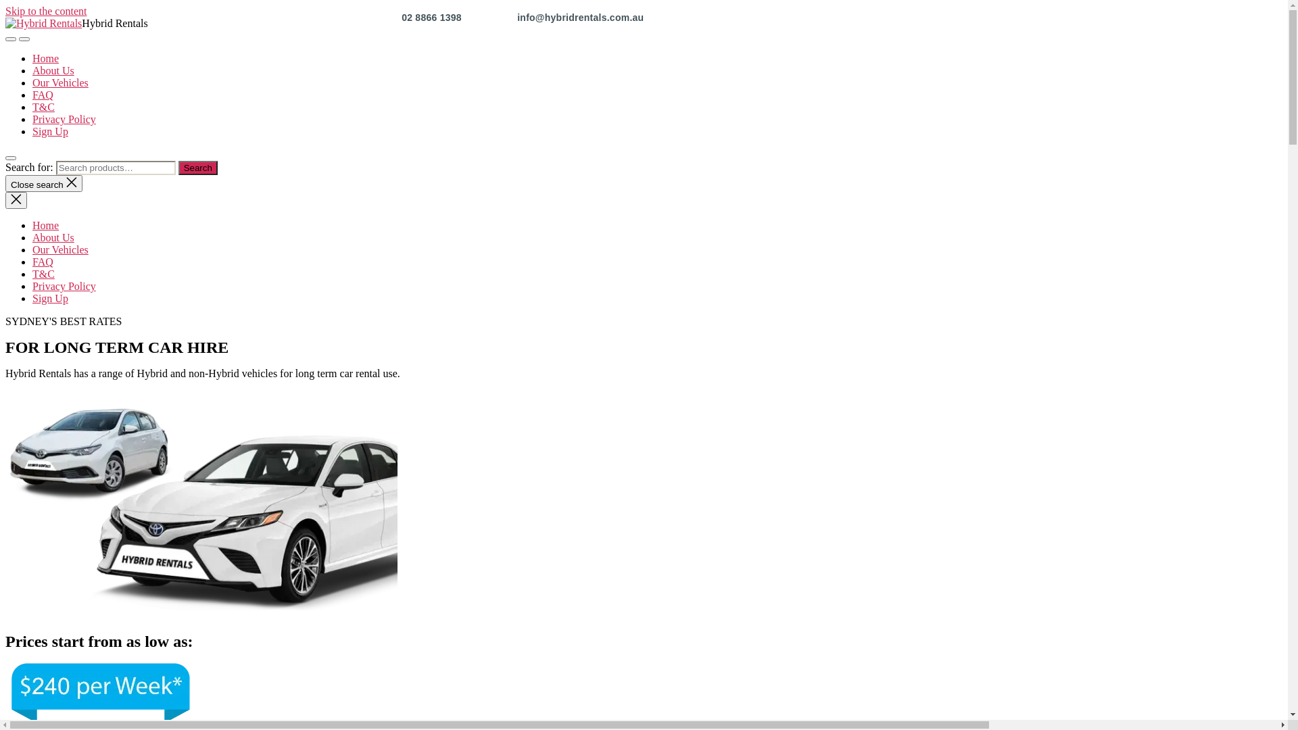 Image resolution: width=1298 pixels, height=730 pixels. What do you see at coordinates (178, 167) in the screenshot?
I see `'Search'` at bounding box center [178, 167].